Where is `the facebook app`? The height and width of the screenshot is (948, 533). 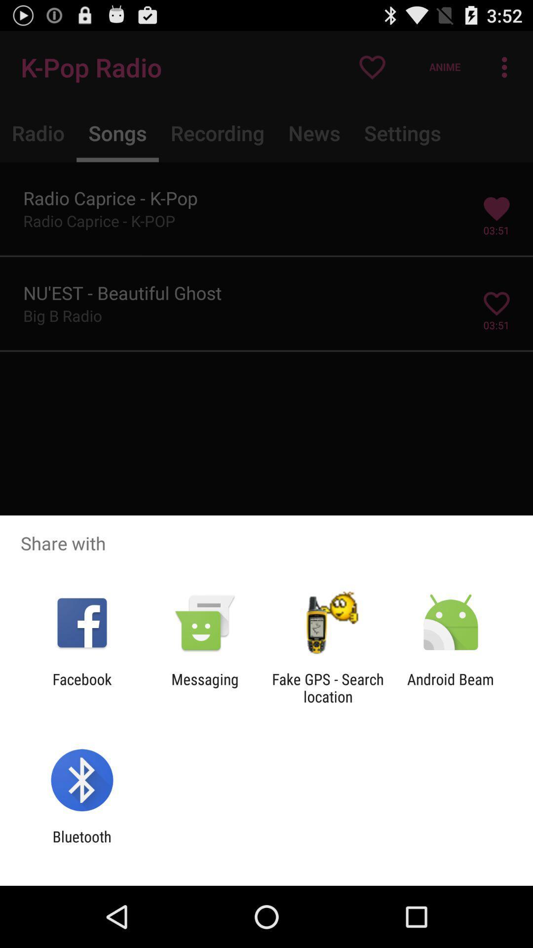 the facebook app is located at coordinates (81, 687).